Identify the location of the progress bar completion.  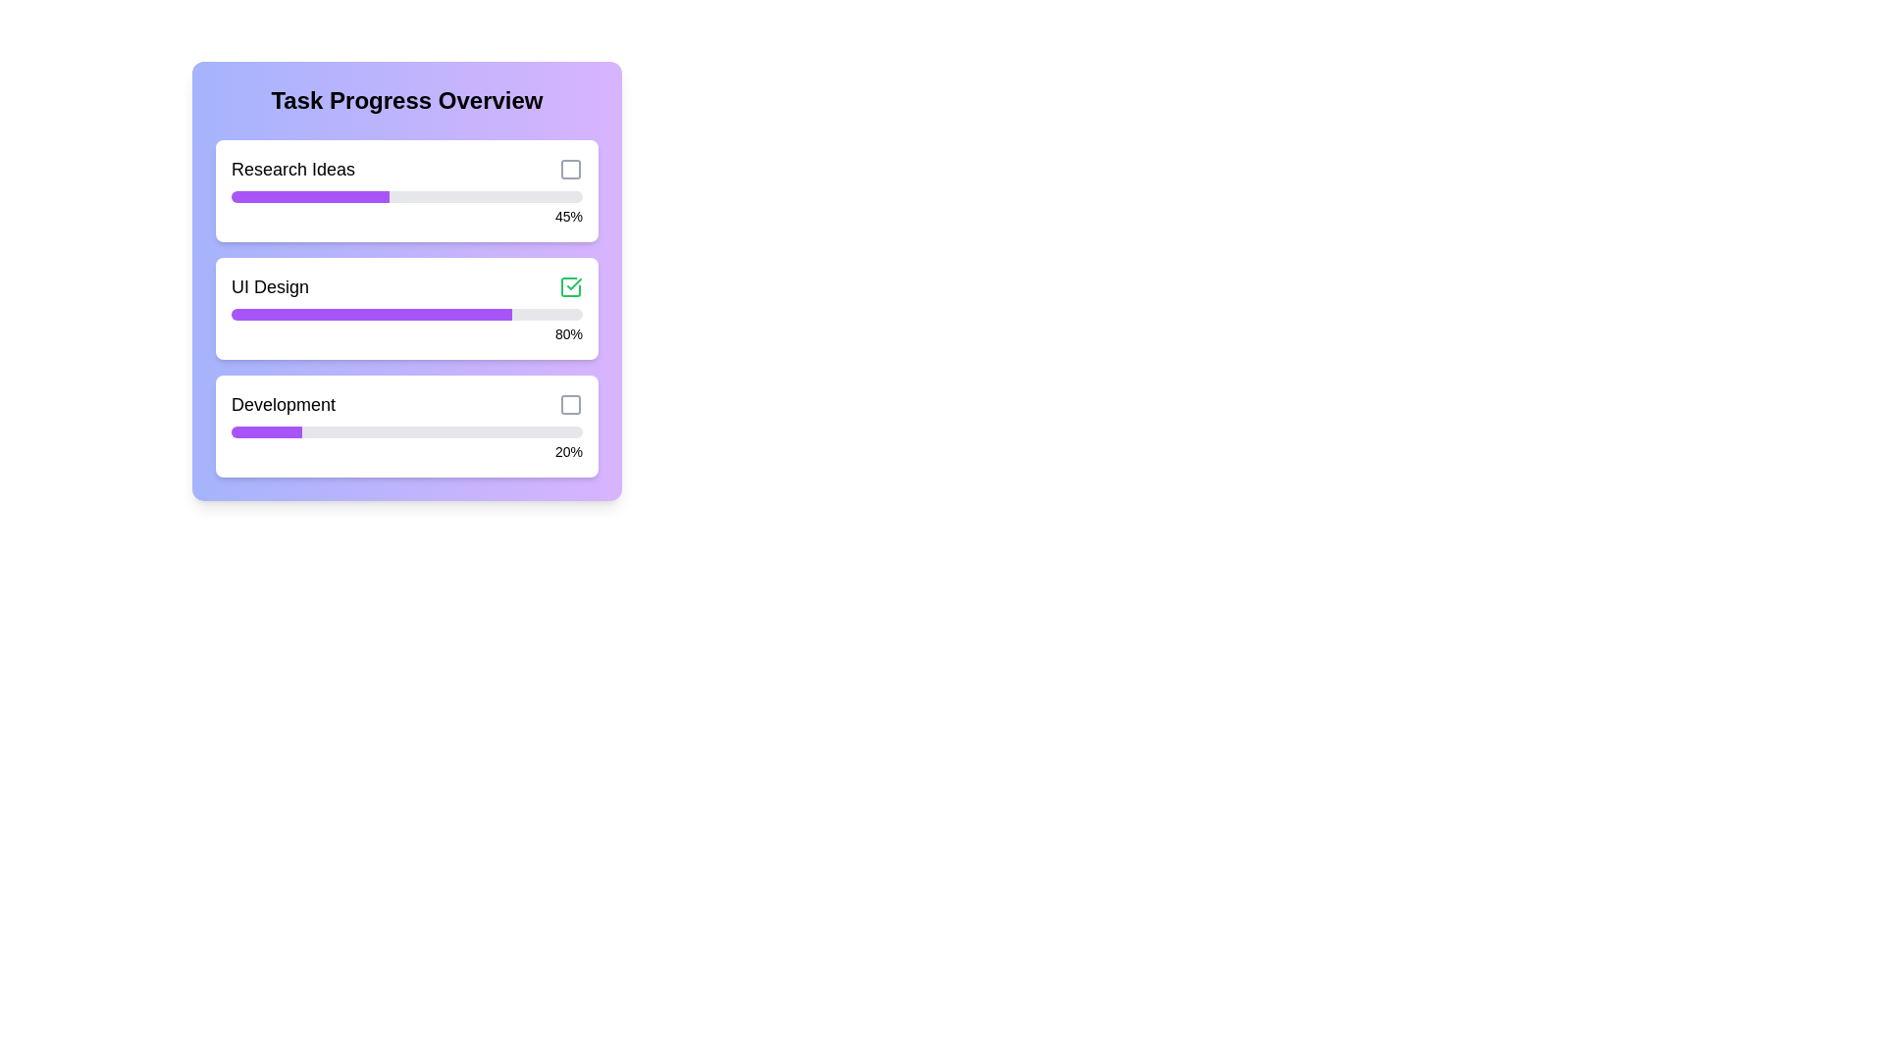
(412, 313).